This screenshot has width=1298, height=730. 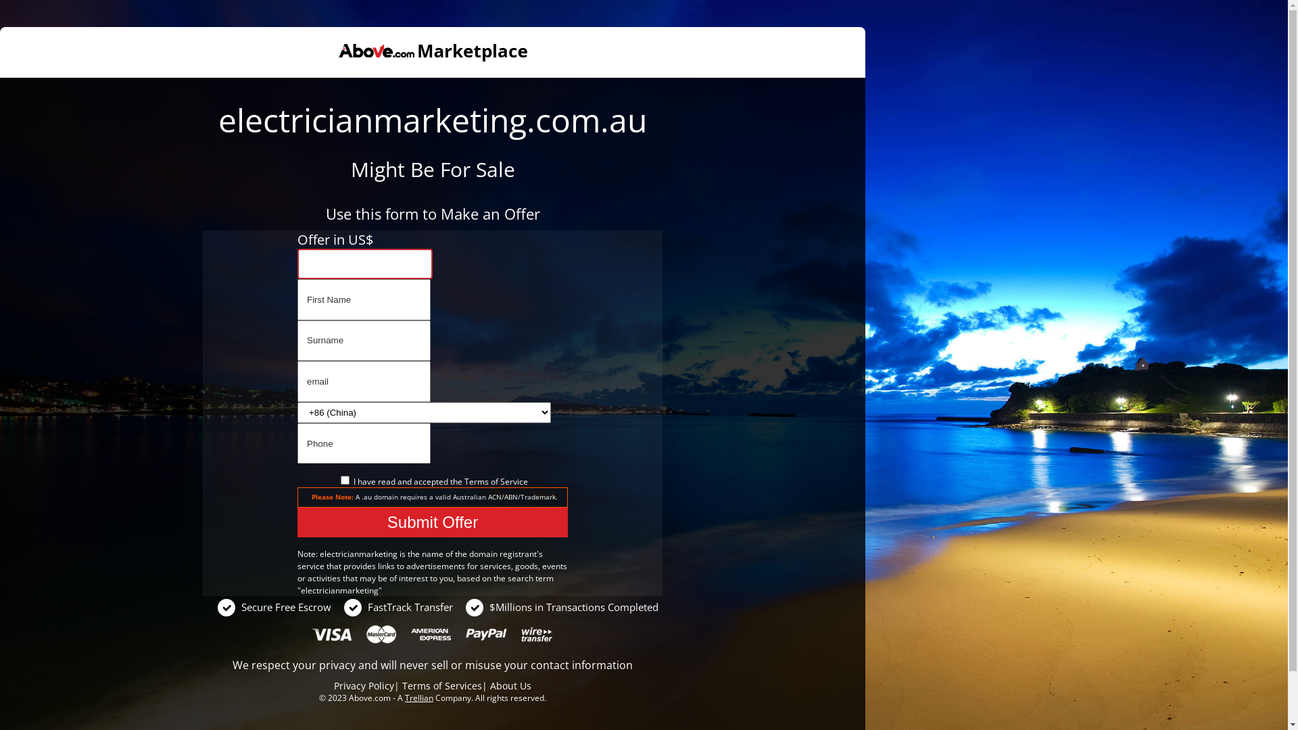 What do you see at coordinates (334, 685) in the screenshot?
I see `'Privacy Policy'` at bounding box center [334, 685].